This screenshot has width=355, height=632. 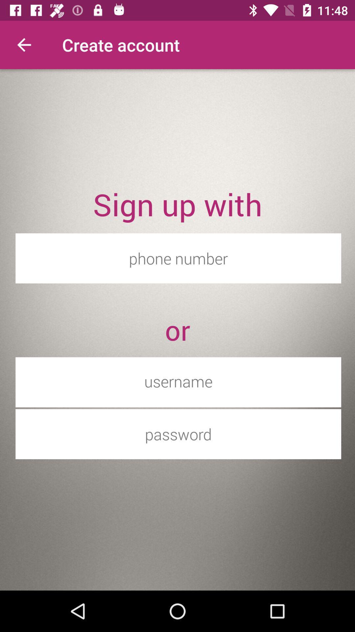 What do you see at coordinates (178, 434) in the screenshot?
I see `password` at bounding box center [178, 434].